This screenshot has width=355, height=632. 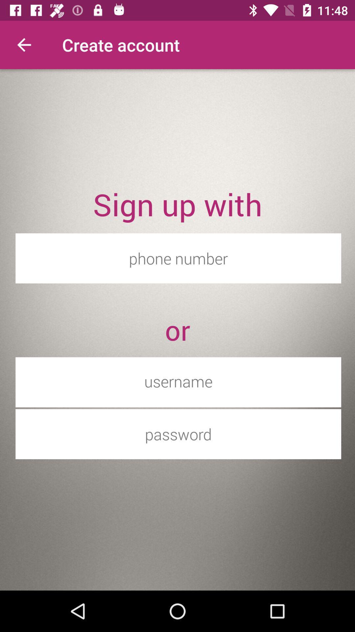 What do you see at coordinates (178, 434) in the screenshot?
I see `password` at bounding box center [178, 434].